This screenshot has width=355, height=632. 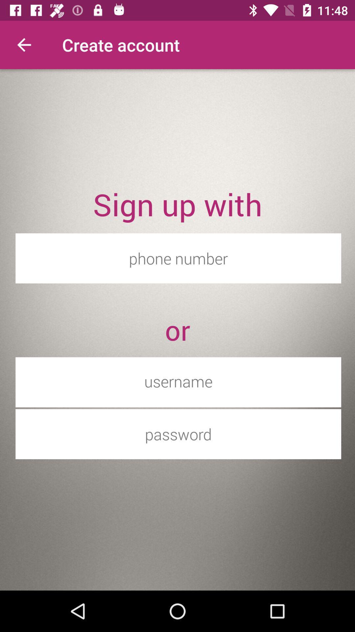 What do you see at coordinates (178, 434) in the screenshot?
I see `password` at bounding box center [178, 434].